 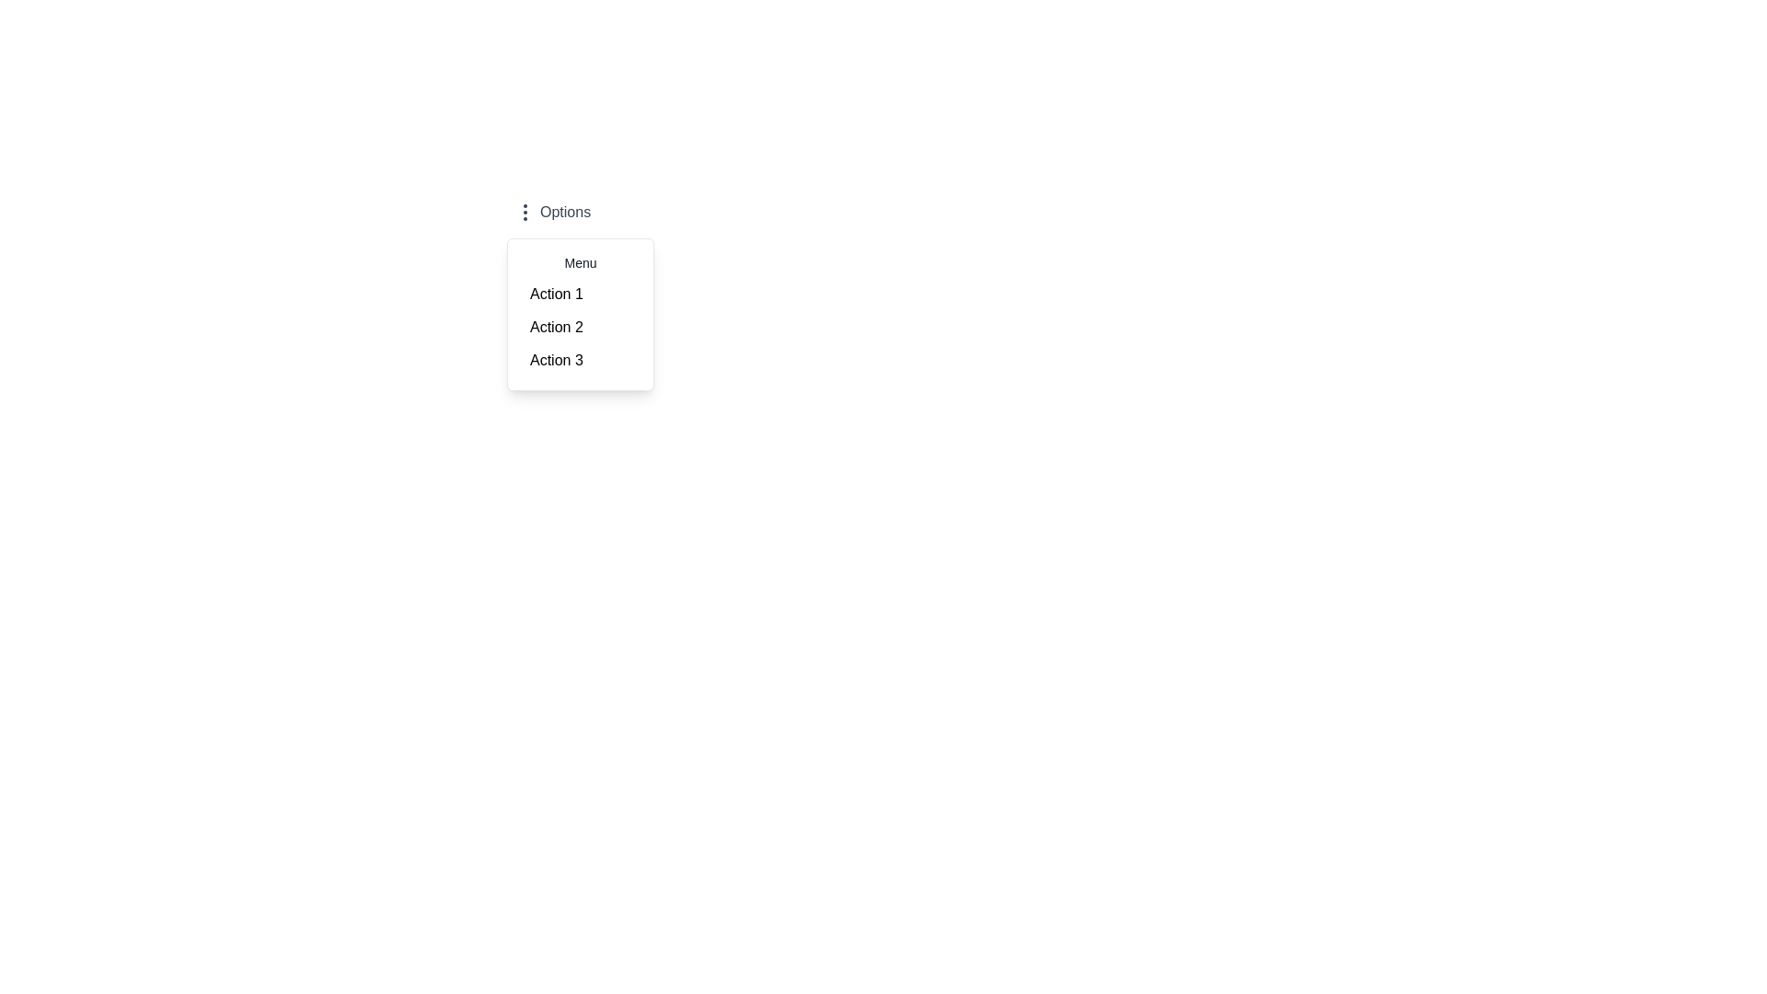 What do you see at coordinates (579, 262) in the screenshot?
I see `the 'Menu' text label, which is a medium-sized, bold, dark gray font, positioned at the top of a dropdown structure above three action items` at bounding box center [579, 262].